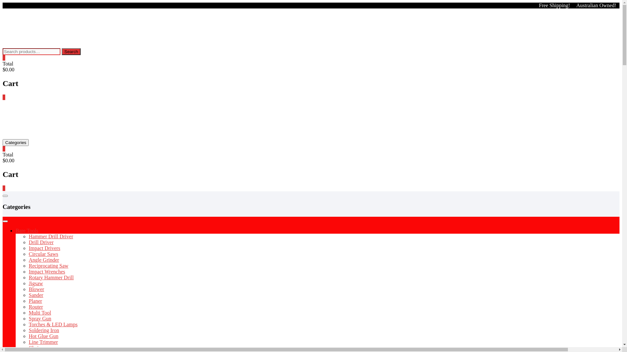 The width and height of the screenshot is (627, 352). What do you see at coordinates (35, 301) in the screenshot?
I see `'Planer'` at bounding box center [35, 301].